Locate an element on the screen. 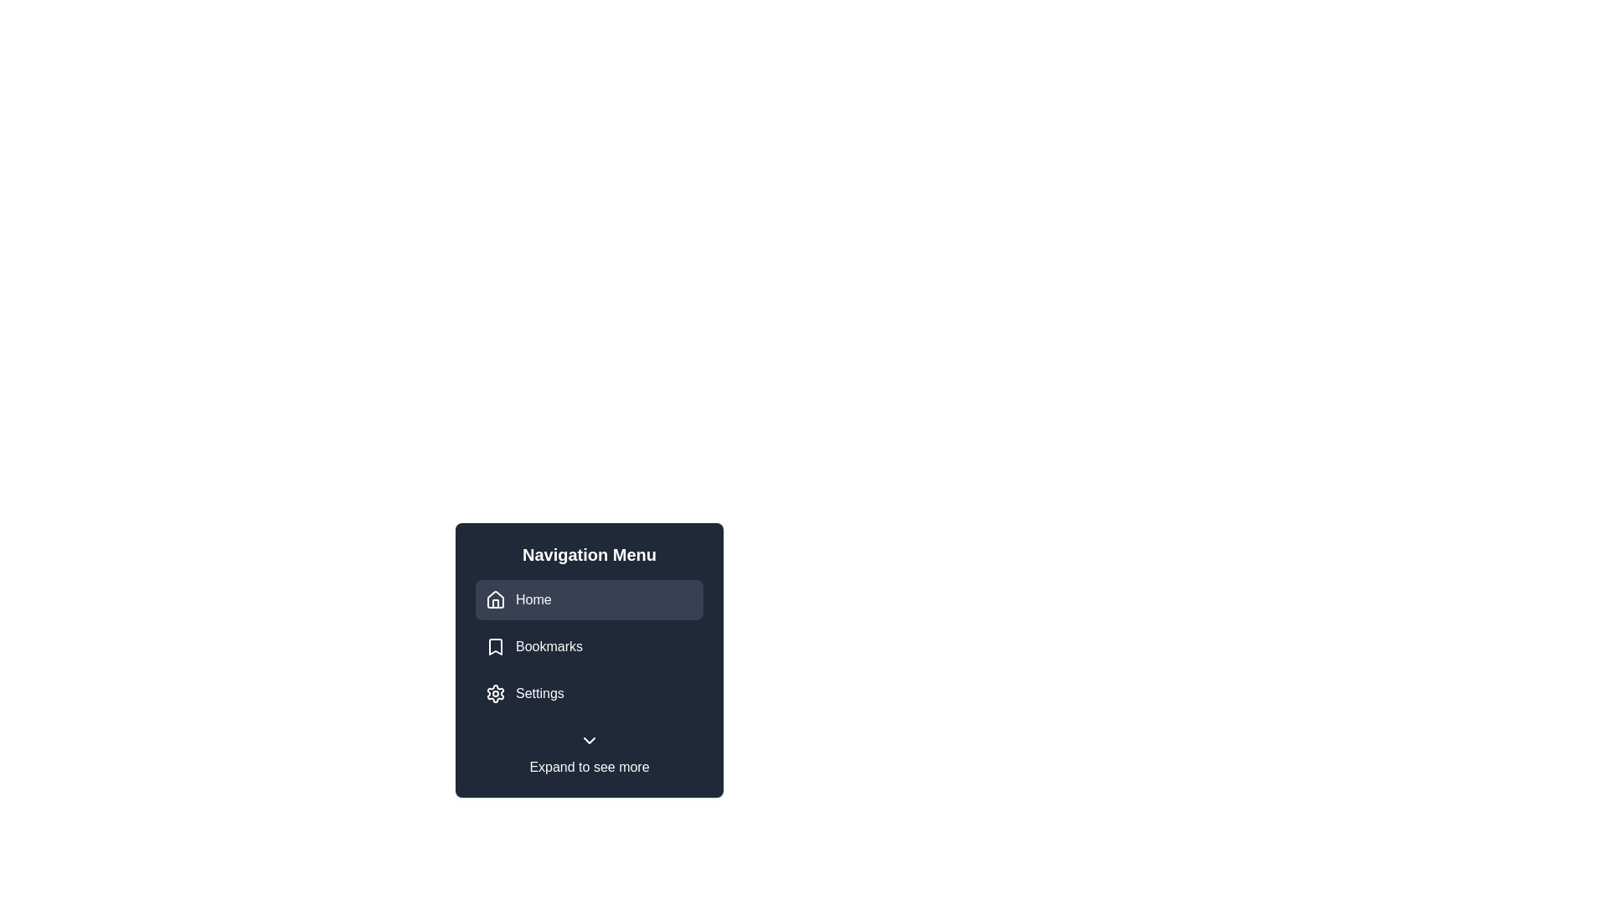 The height and width of the screenshot is (904, 1608). the visual representation of the settings icon's outer ring, which is a gear-like shape located in the navigation menu, positioned below 'Bookmarks' and above 'Expand to see more' is located at coordinates (494, 694).